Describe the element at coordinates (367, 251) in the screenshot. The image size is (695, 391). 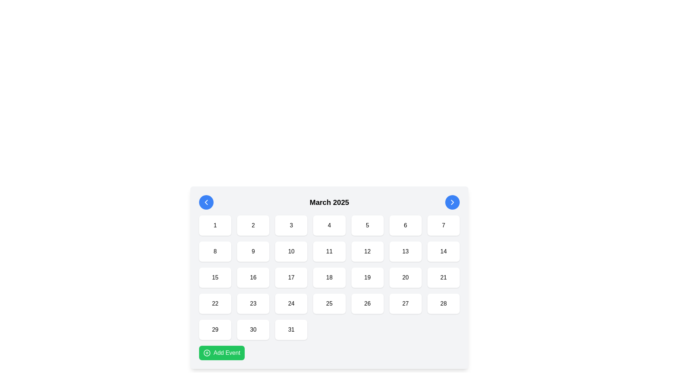
I see `the selectable calendar day button representing the date '12', located in the second row and sixth column of the calendar grid` at that location.